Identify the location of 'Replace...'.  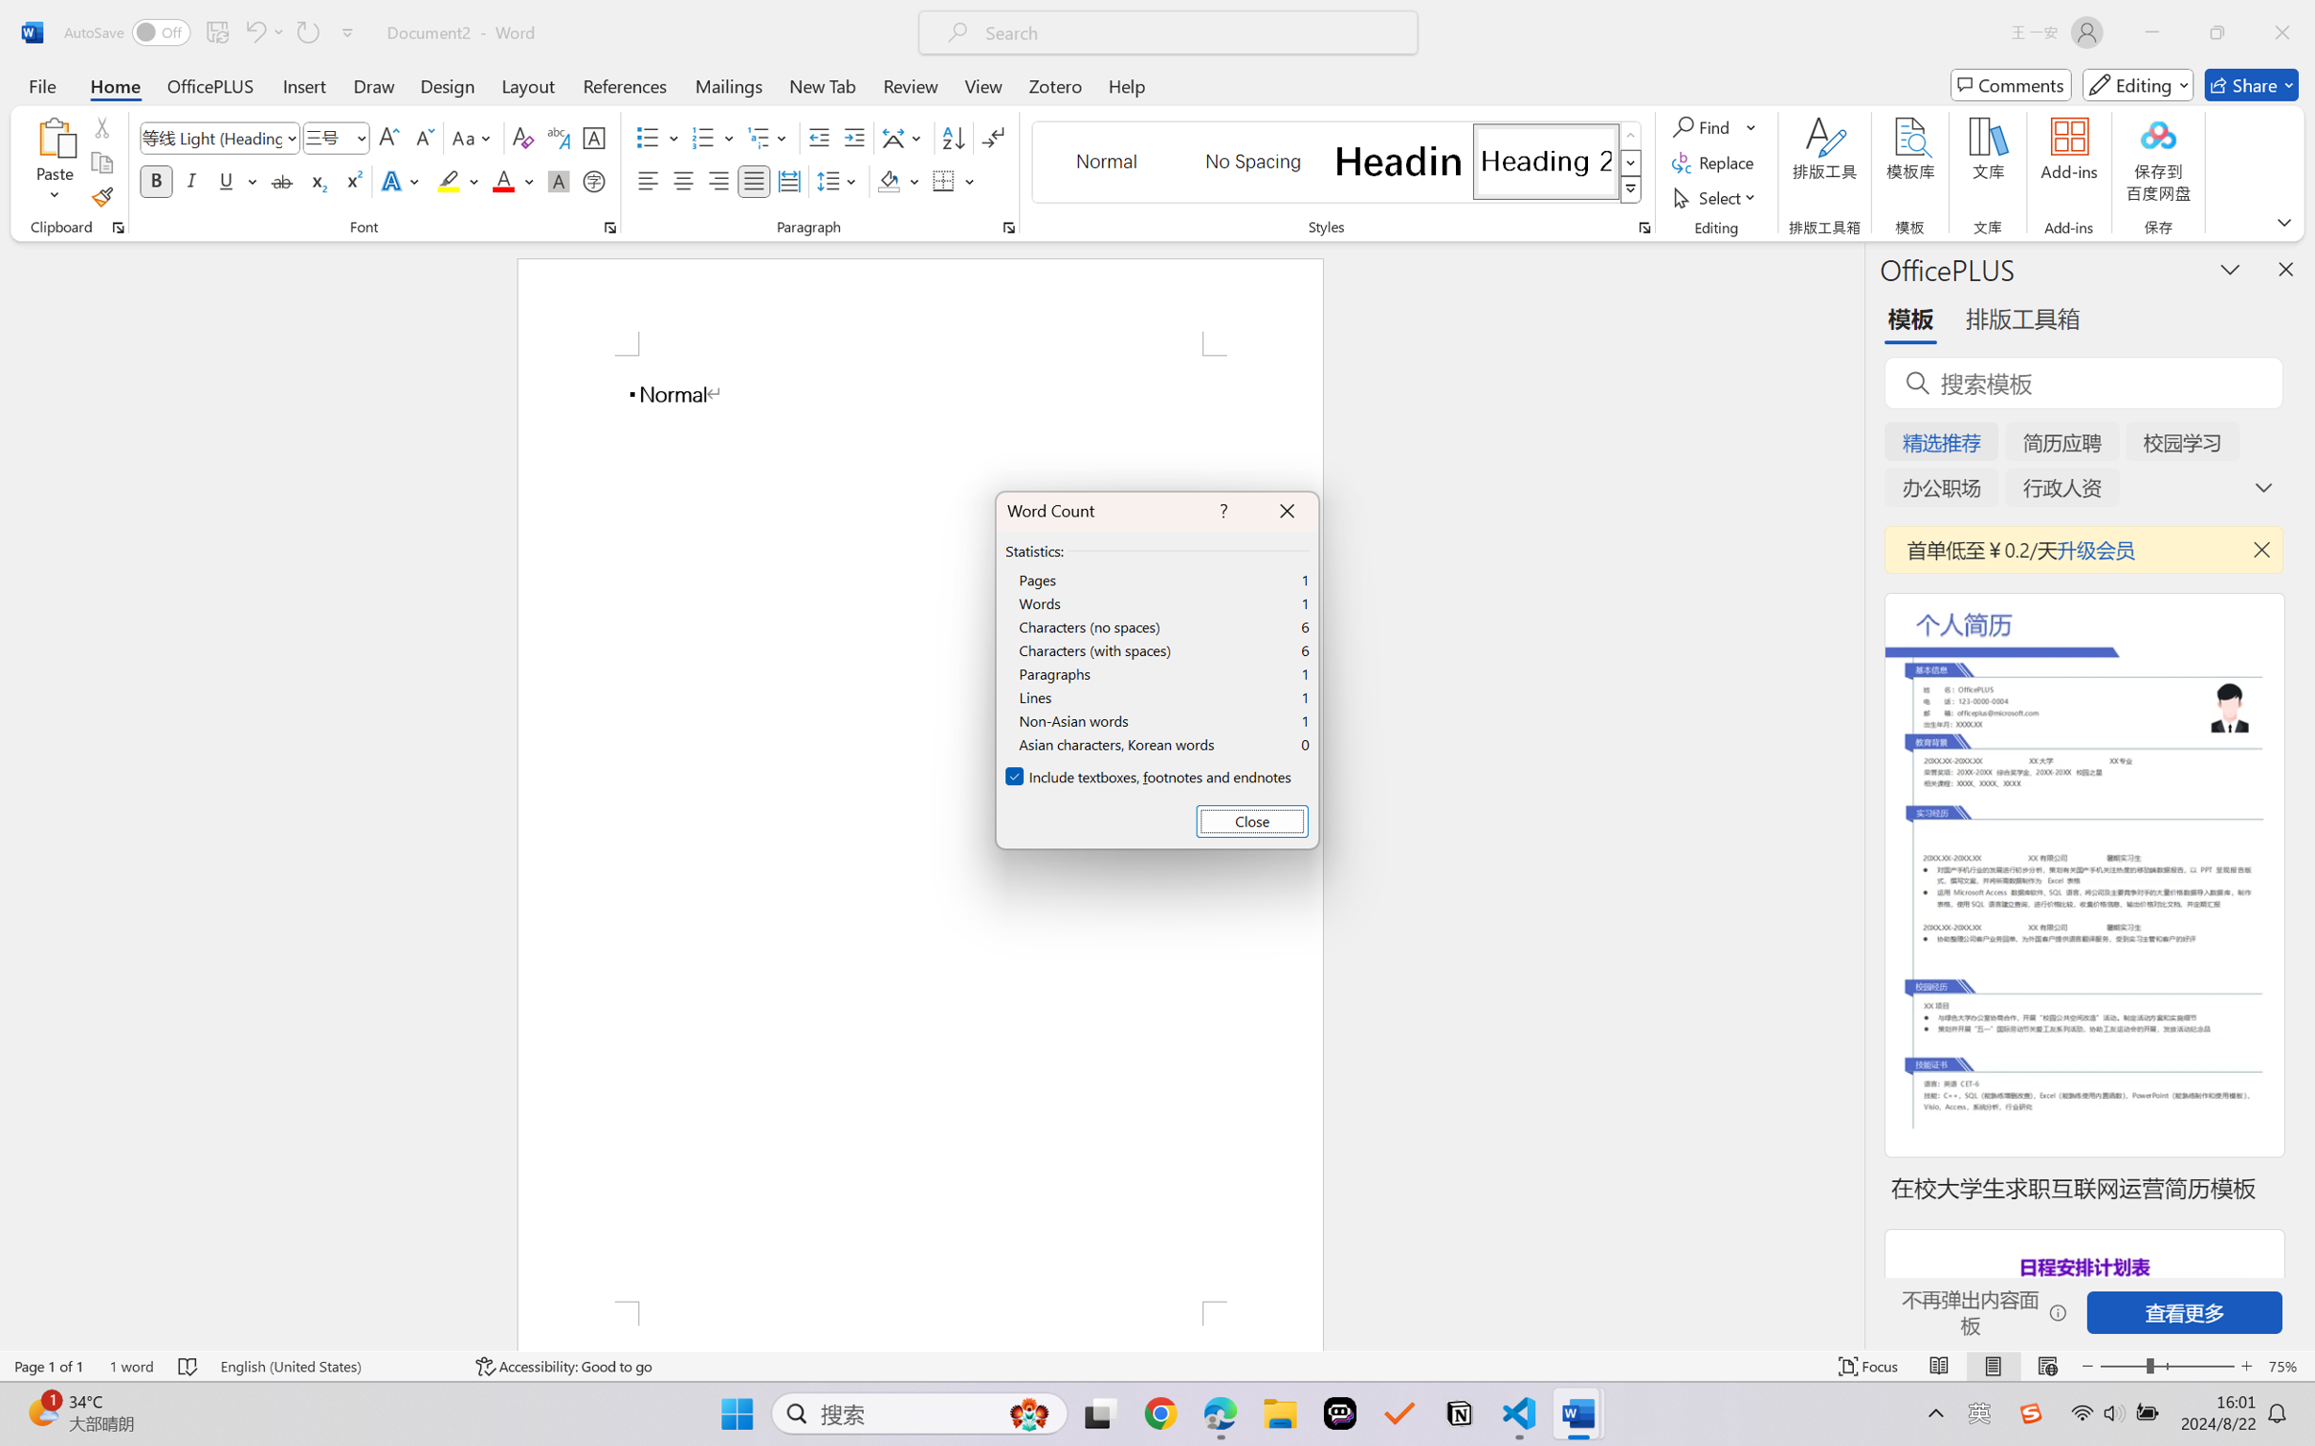
(1713, 163).